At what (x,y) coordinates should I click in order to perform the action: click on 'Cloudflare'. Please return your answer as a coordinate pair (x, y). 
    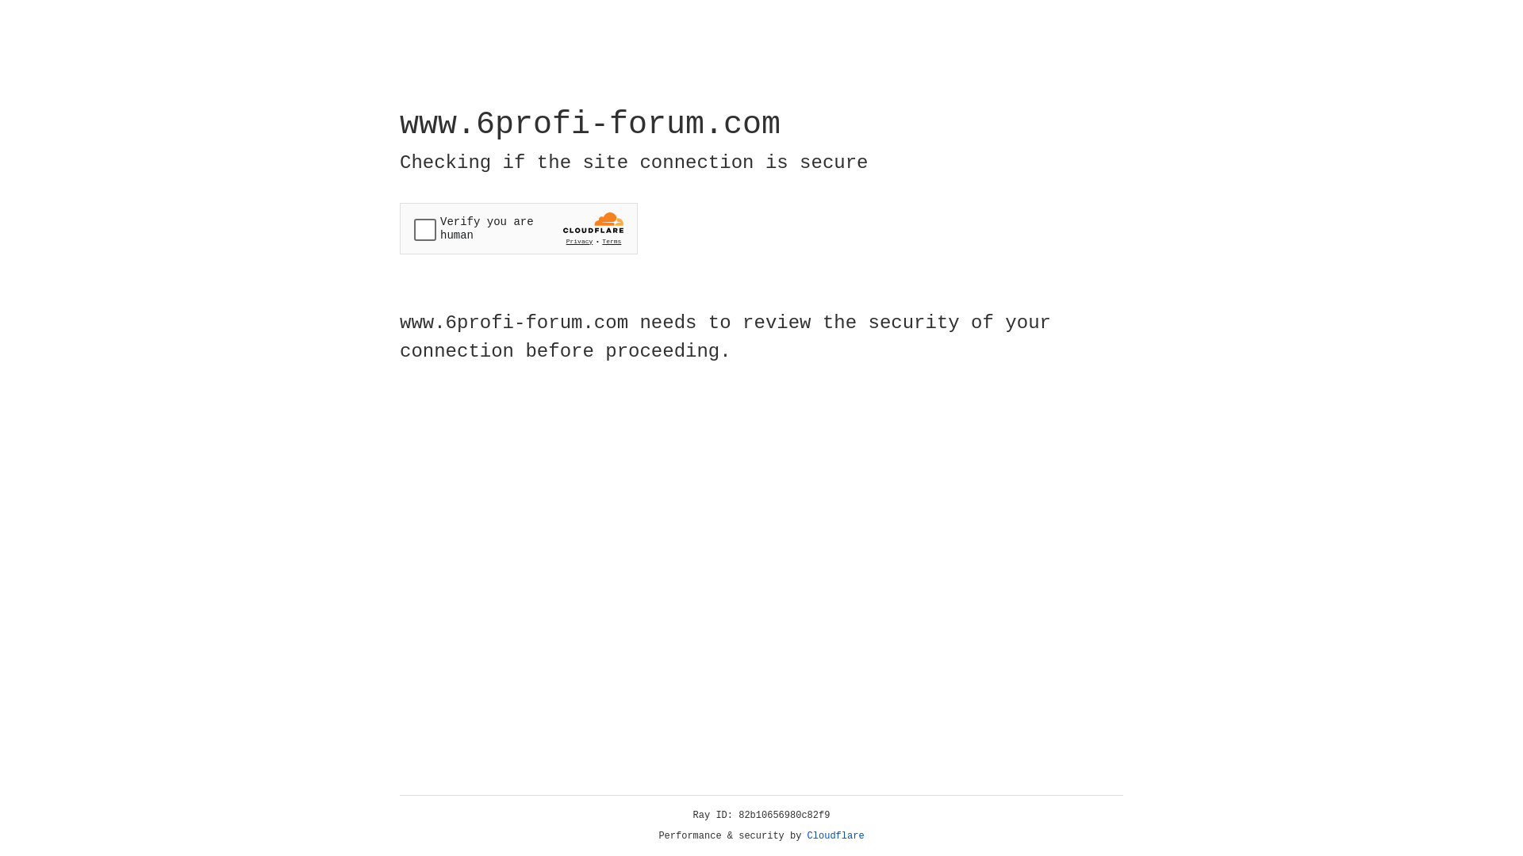
    Looking at the image, I should click on (835, 835).